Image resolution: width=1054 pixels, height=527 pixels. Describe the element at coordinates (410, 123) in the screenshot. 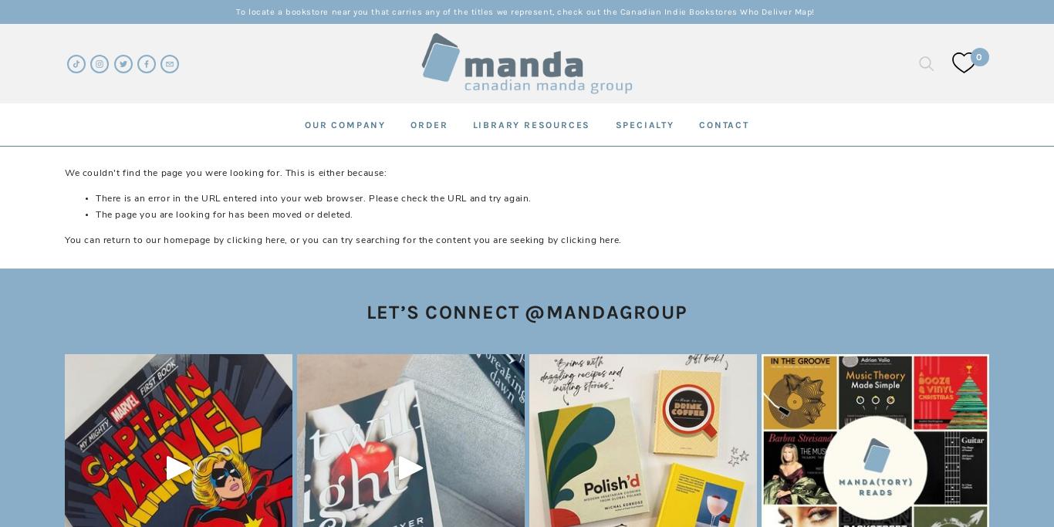

I see `'Order'` at that location.